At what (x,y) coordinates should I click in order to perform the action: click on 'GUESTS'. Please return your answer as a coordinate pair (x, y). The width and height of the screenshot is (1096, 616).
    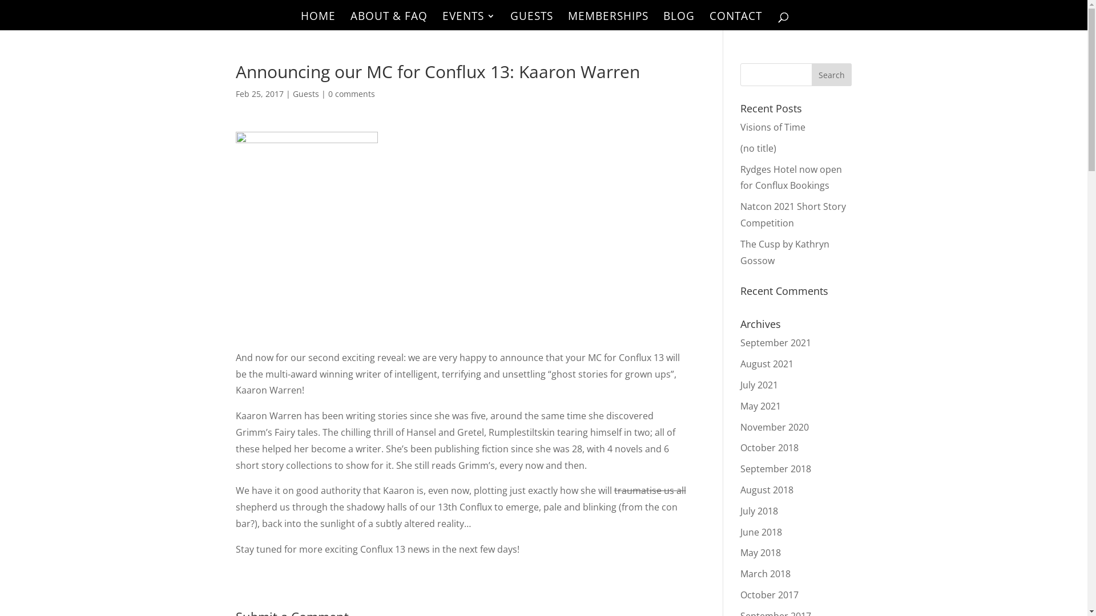
    Looking at the image, I should click on (531, 21).